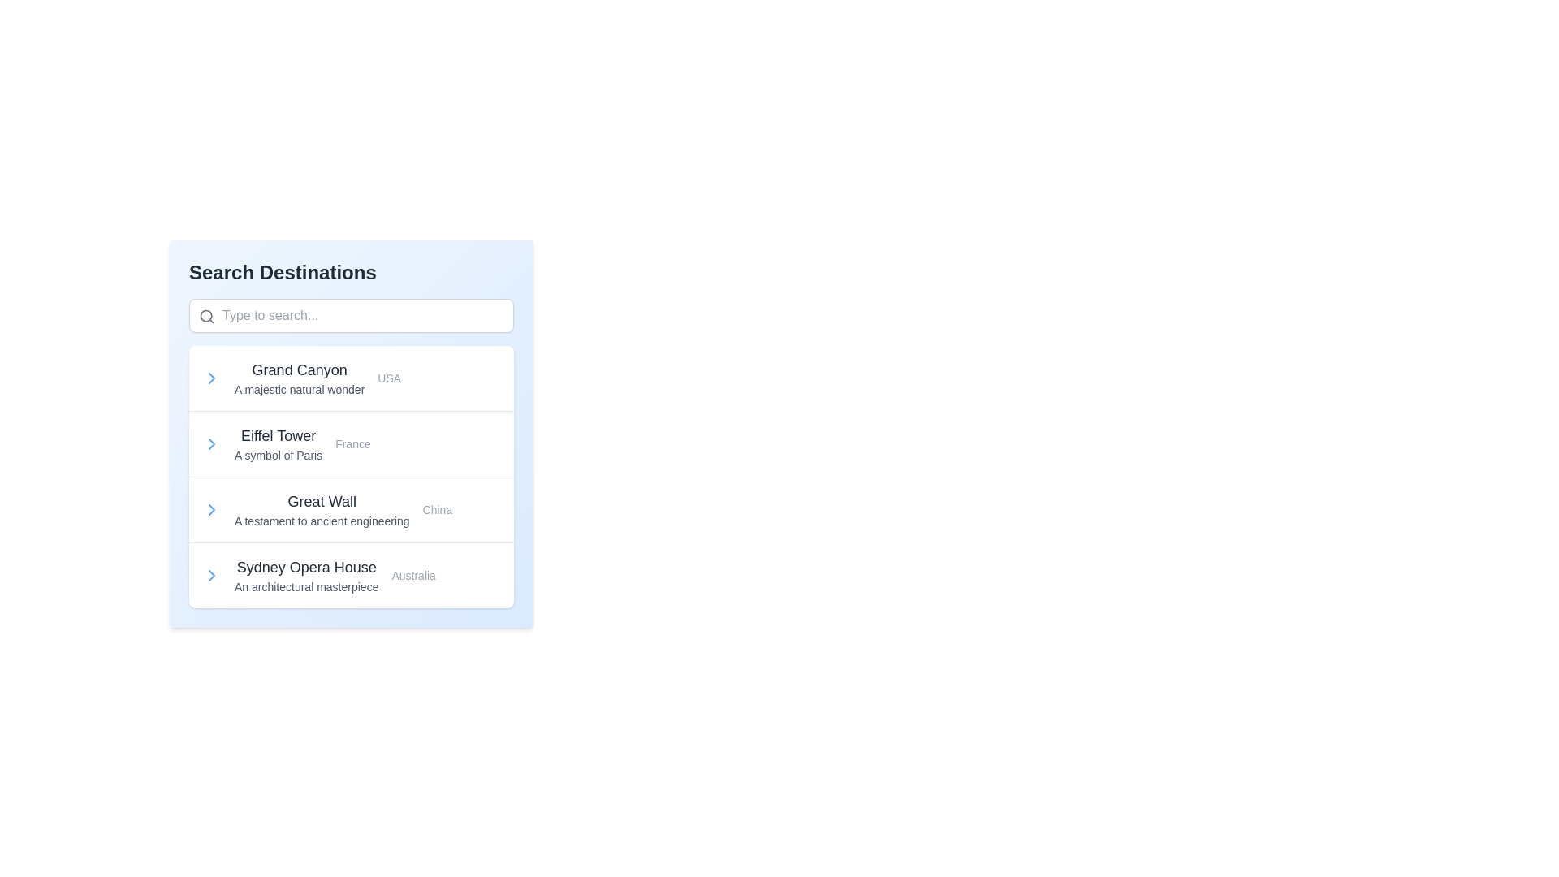  What do you see at coordinates (322, 521) in the screenshot?
I see `descriptive information provided by the Text Label beneath the main title 'Great Wall', which emphasizes its historical significance` at bounding box center [322, 521].